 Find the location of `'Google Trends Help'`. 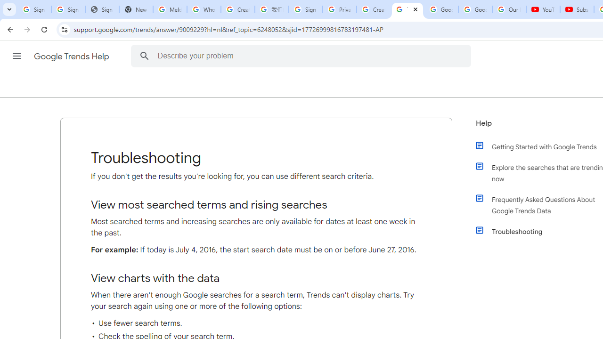

'Google Trends Help' is located at coordinates (72, 56).